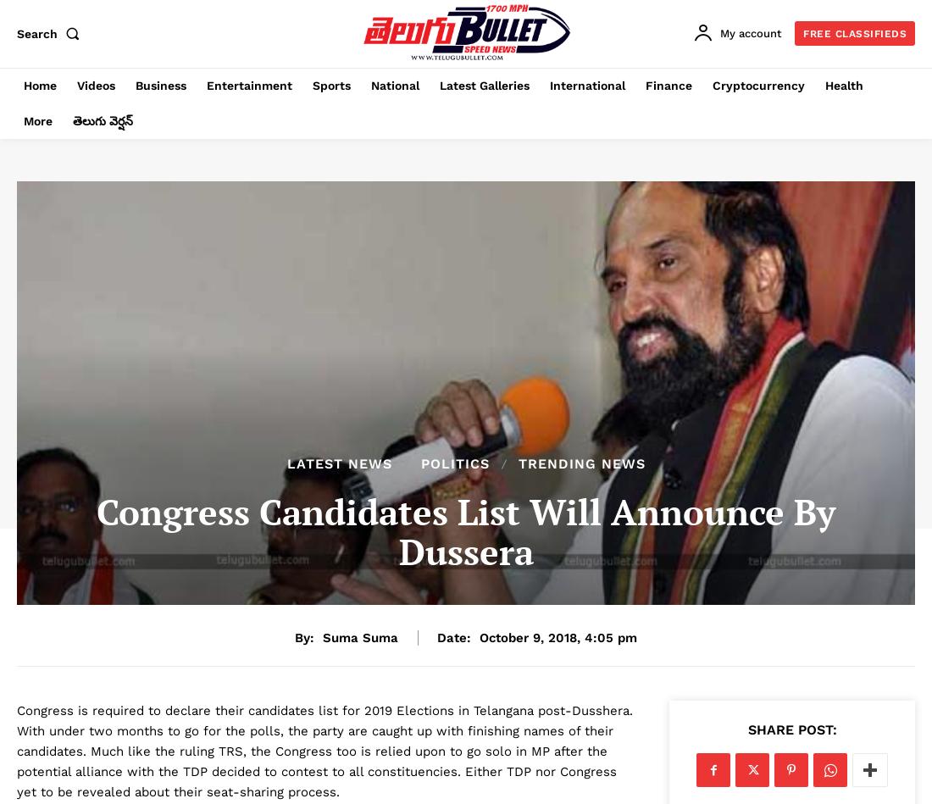 The height and width of the screenshot is (804, 932). What do you see at coordinates (304, 636) in the screenshot?
I see `'By:'` at bounding box center [304, 636].